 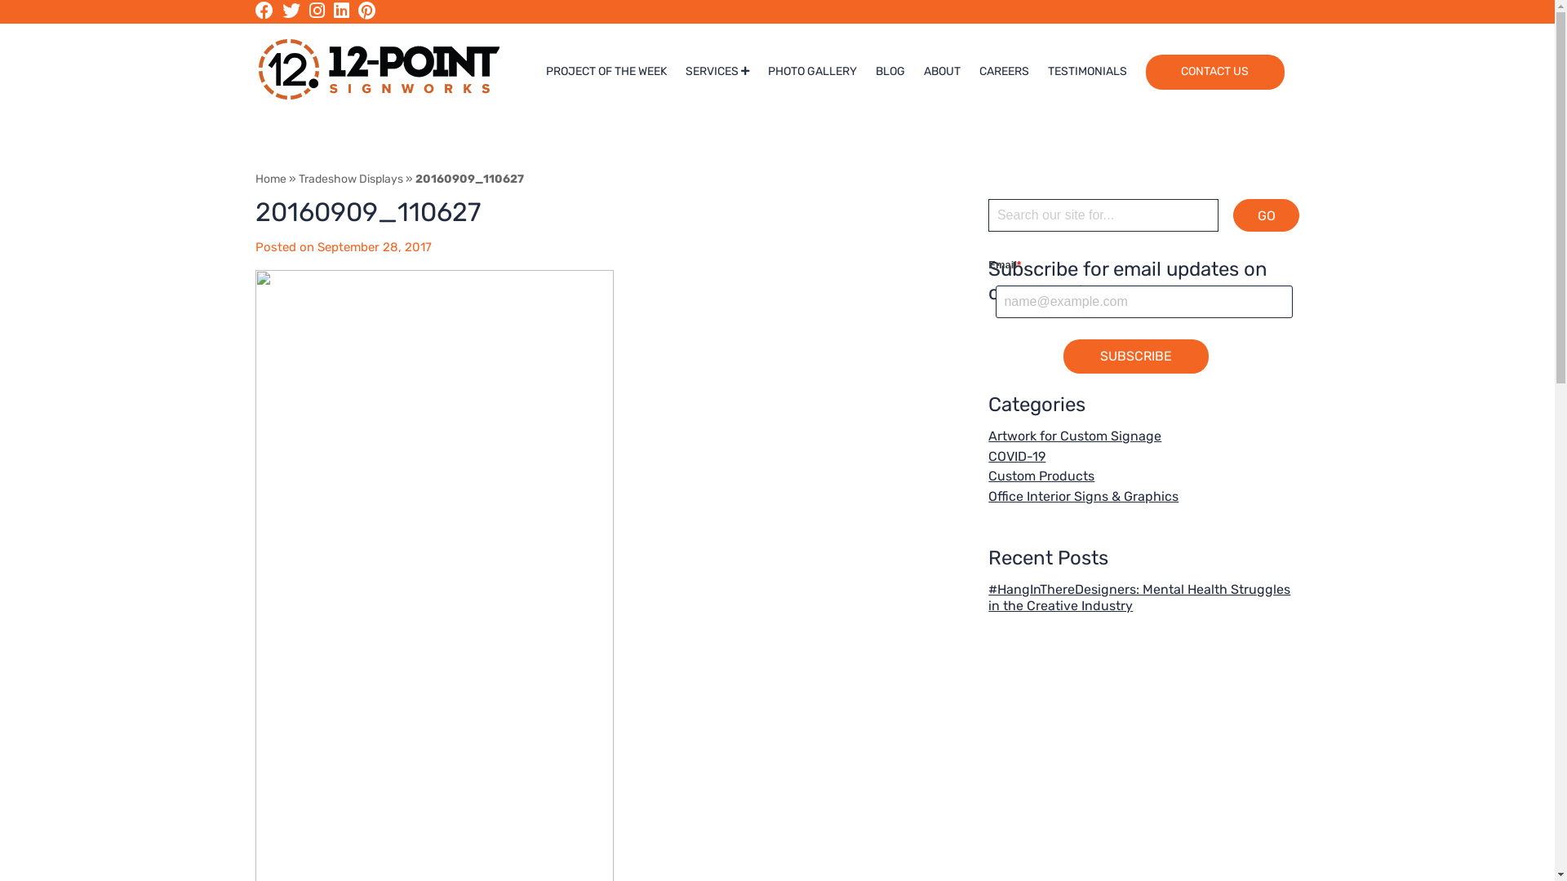 I want to click on 'Office Interior Signs & Graphics', so click(x=1083, y=495).